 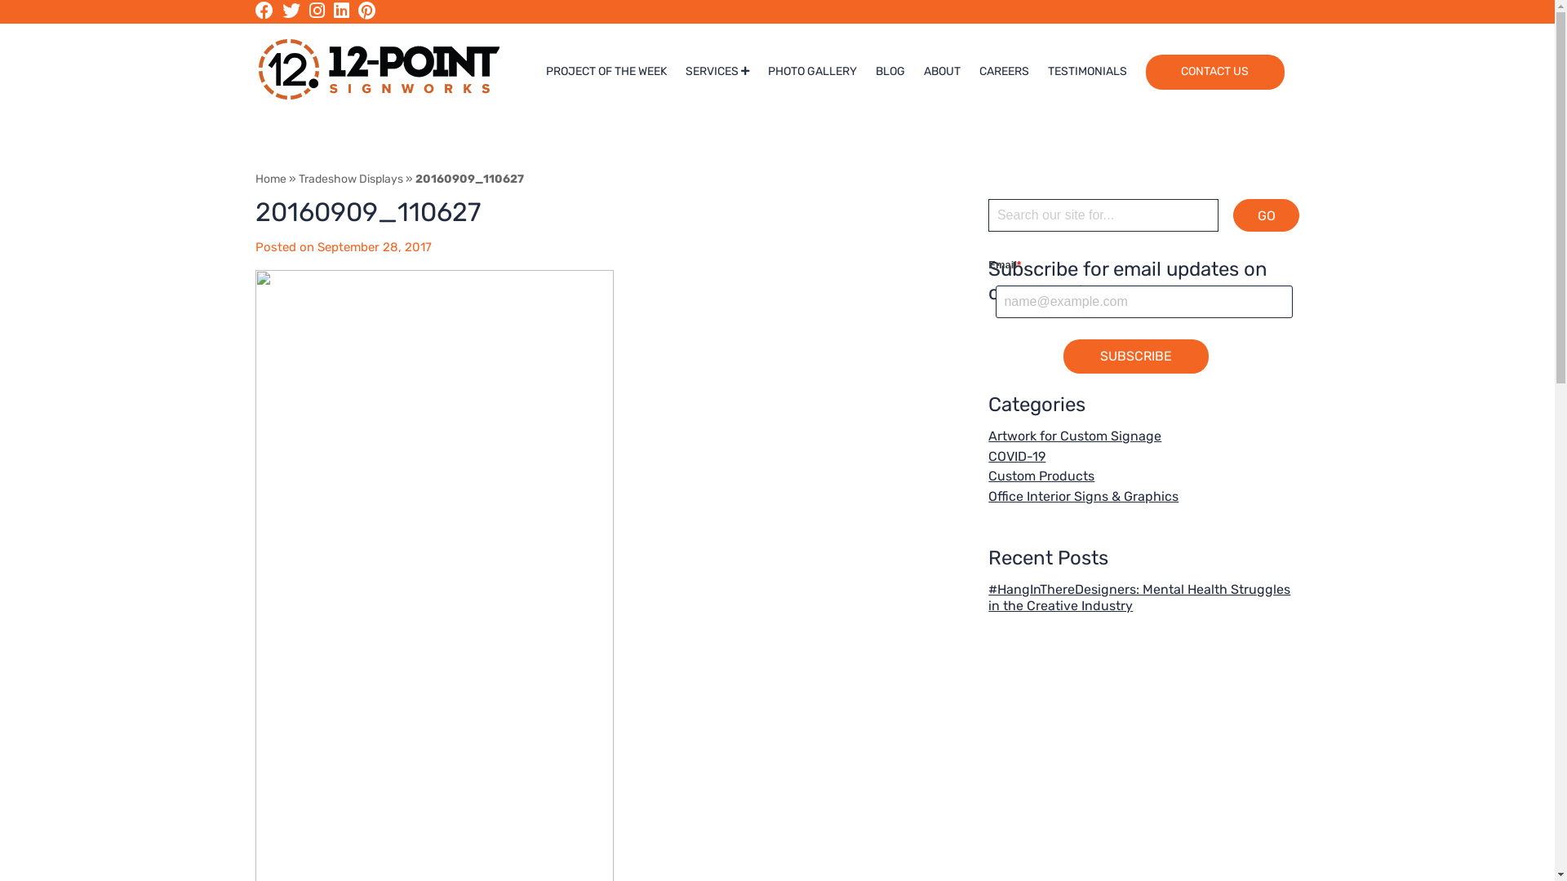 I want to click on 'Office Interior Signs & Graphics', so click(x=1083, y=495).